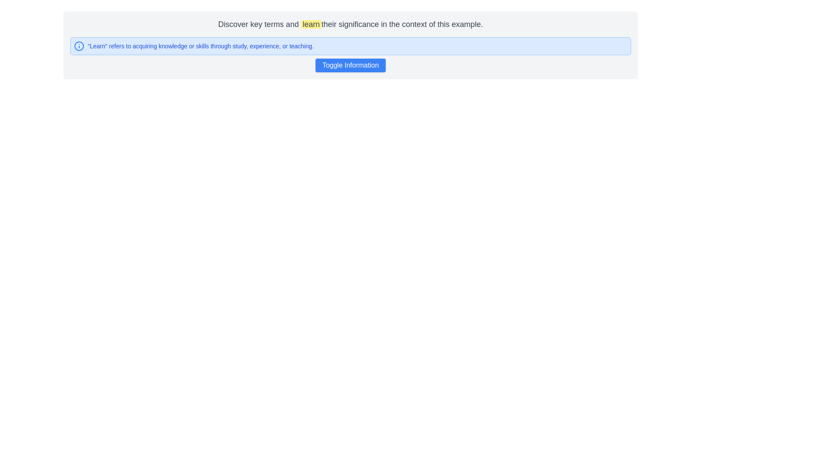 The image size is (822, 462). I want to click on text emphasizing the word 'learn' which is highlighted with a yellow background in the sentence 'Discover key terms and learn their significance in the context of this example.', so click(310, 24).